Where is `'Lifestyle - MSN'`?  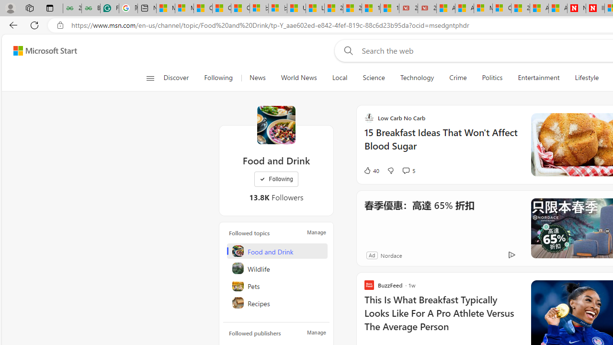 'Lifestyle - MSN' is located at coordinates (315, 8).